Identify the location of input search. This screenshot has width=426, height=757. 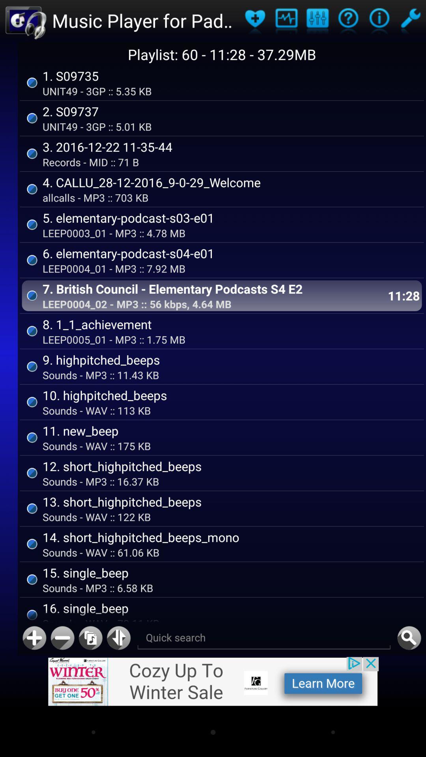
(264, 638).